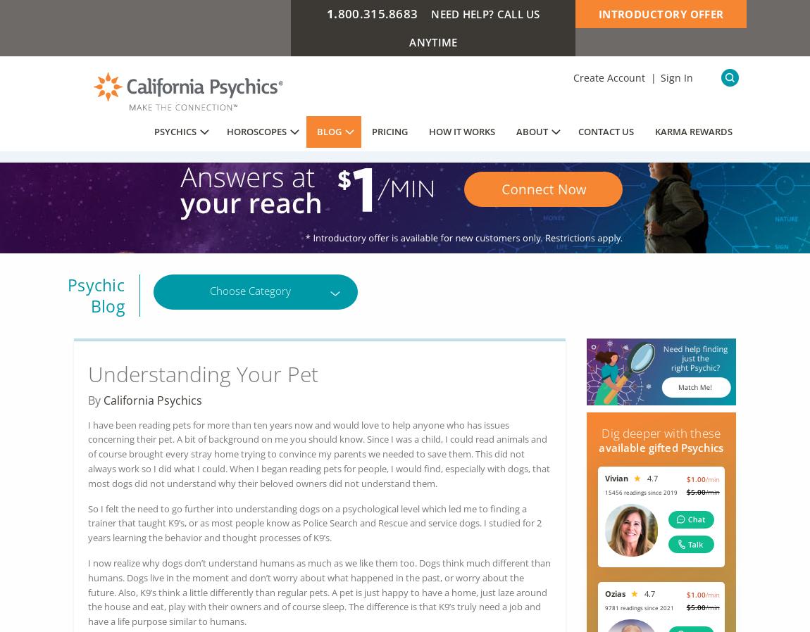  Describe the element at coordinates (319, 592) in the screenshot. I see `'I now realize why dogs don’t understand humans as much as we like them too. Dogs think much different than humans. Dogs live in the moment and don’t worry about what happened in the past, or worry about the future. Also, K9’s think a little differently than regular pets. A pet is just happy to have a home, just laze around the house and eat, play with their owners and of course sleep. The difference is that K9’s truly need a job and have a life purpose similar to humans.'` at that location.